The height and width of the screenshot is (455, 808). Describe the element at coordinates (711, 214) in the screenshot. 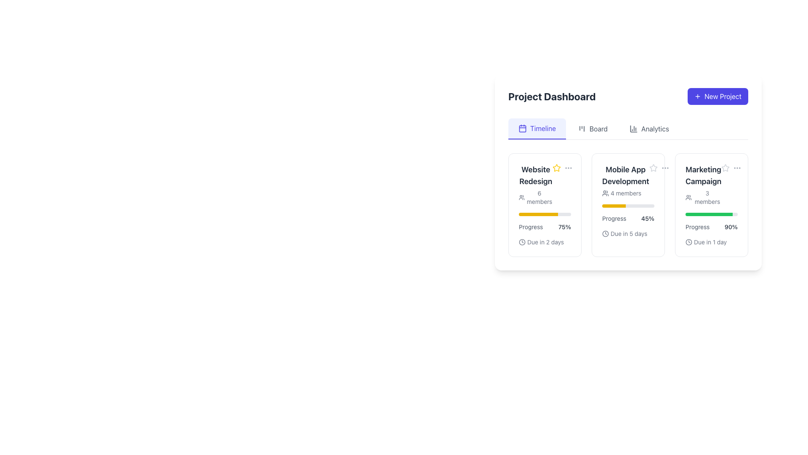

I see `the progress bar indicating a value of 90% located in the 'Marketing Campaign' section of the Project Dashboard` at that location.